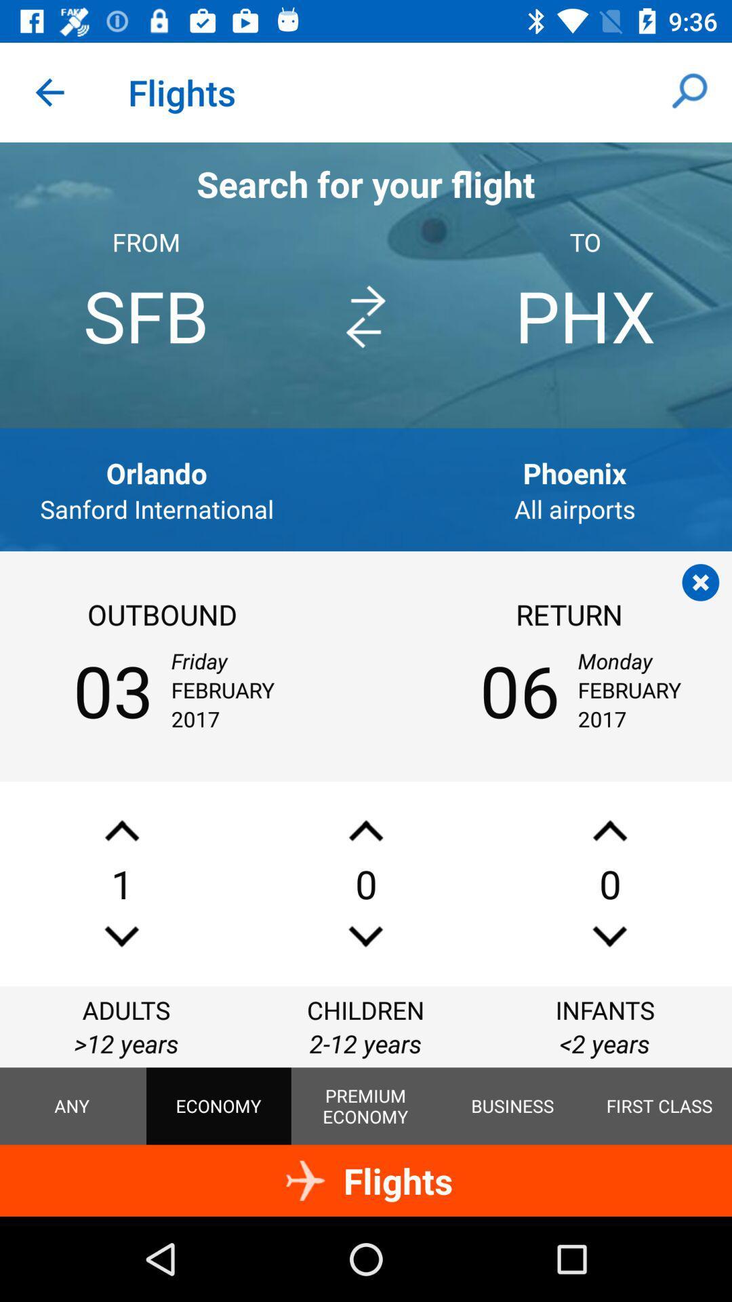 Image resolution: width=732 pixels, height=1302 pixels. I want to click on children for flight, so click(366, 830).